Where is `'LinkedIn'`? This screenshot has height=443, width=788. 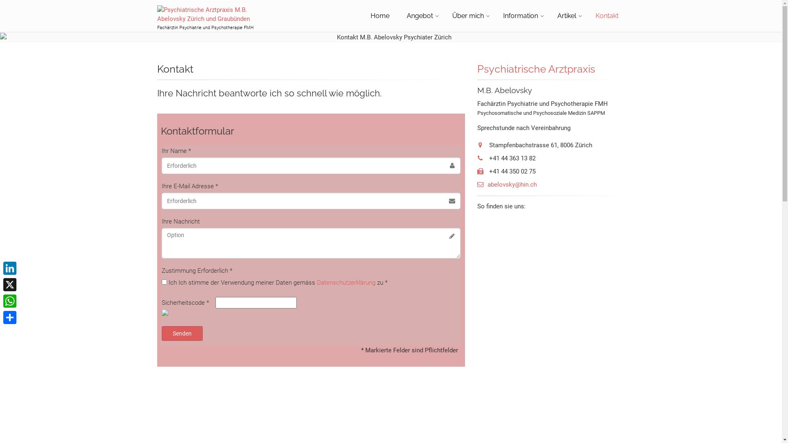 'LinkedIn' is located at coordinates (10, 268).